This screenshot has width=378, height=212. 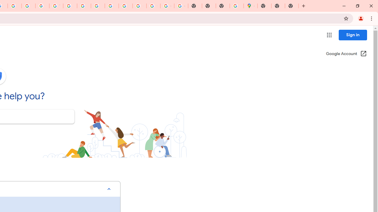 What do you see at coordinates (237, 6) in the screenshot?
I see `'Use Google Maps in Space - Google Maps Help'` at bounding box center [237, 6].